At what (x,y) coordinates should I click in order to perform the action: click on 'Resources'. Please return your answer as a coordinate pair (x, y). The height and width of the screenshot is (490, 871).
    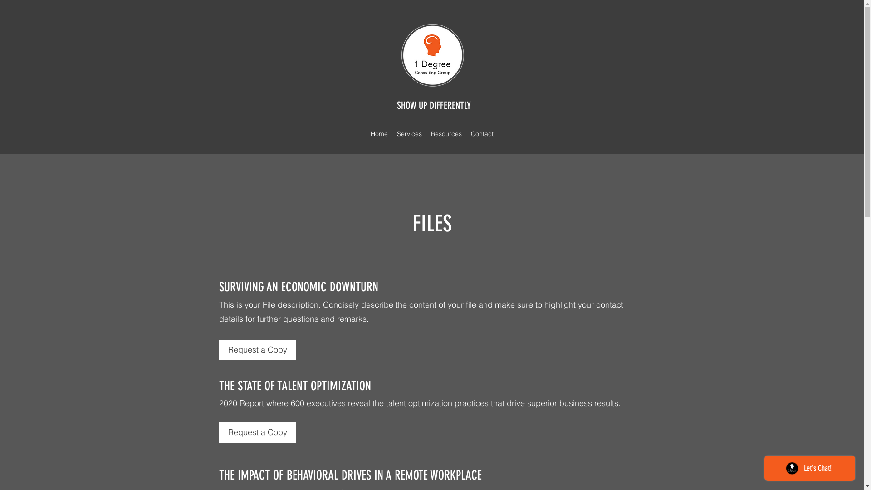
    Looking at the image, I should click on (446, 133).